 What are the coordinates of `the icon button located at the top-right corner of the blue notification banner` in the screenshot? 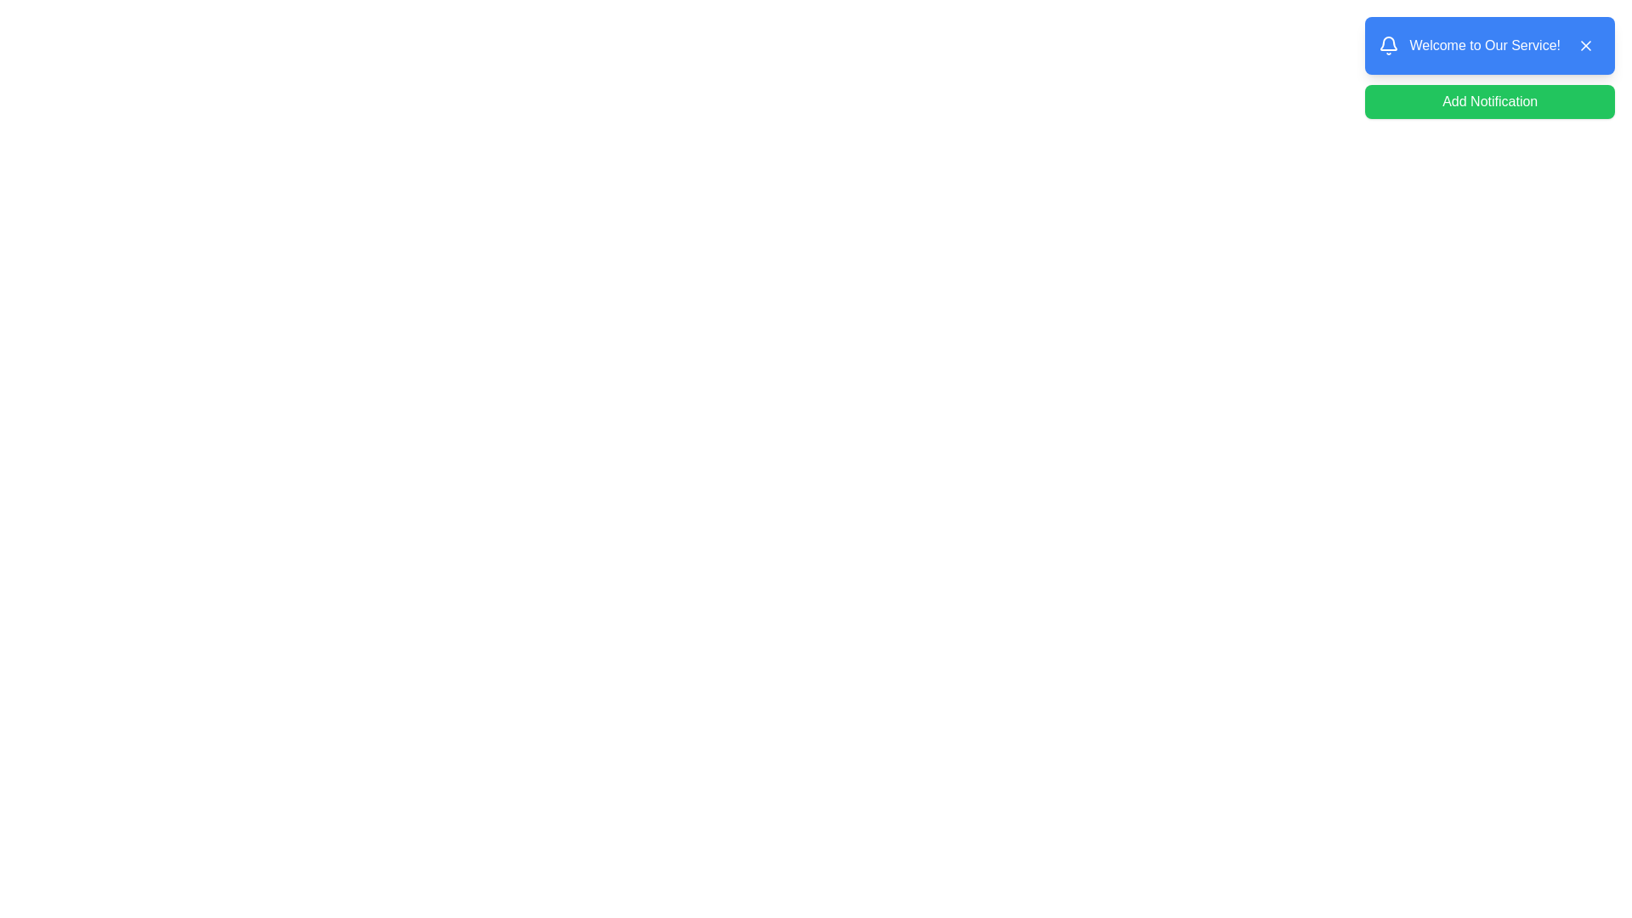 It's located at (1585, 45).